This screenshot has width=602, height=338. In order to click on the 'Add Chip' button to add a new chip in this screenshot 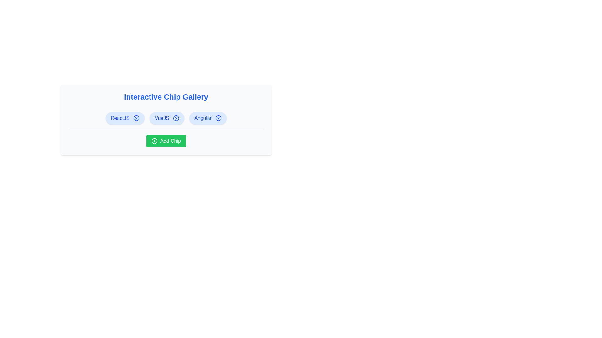, I will do `click(166, 141)`.